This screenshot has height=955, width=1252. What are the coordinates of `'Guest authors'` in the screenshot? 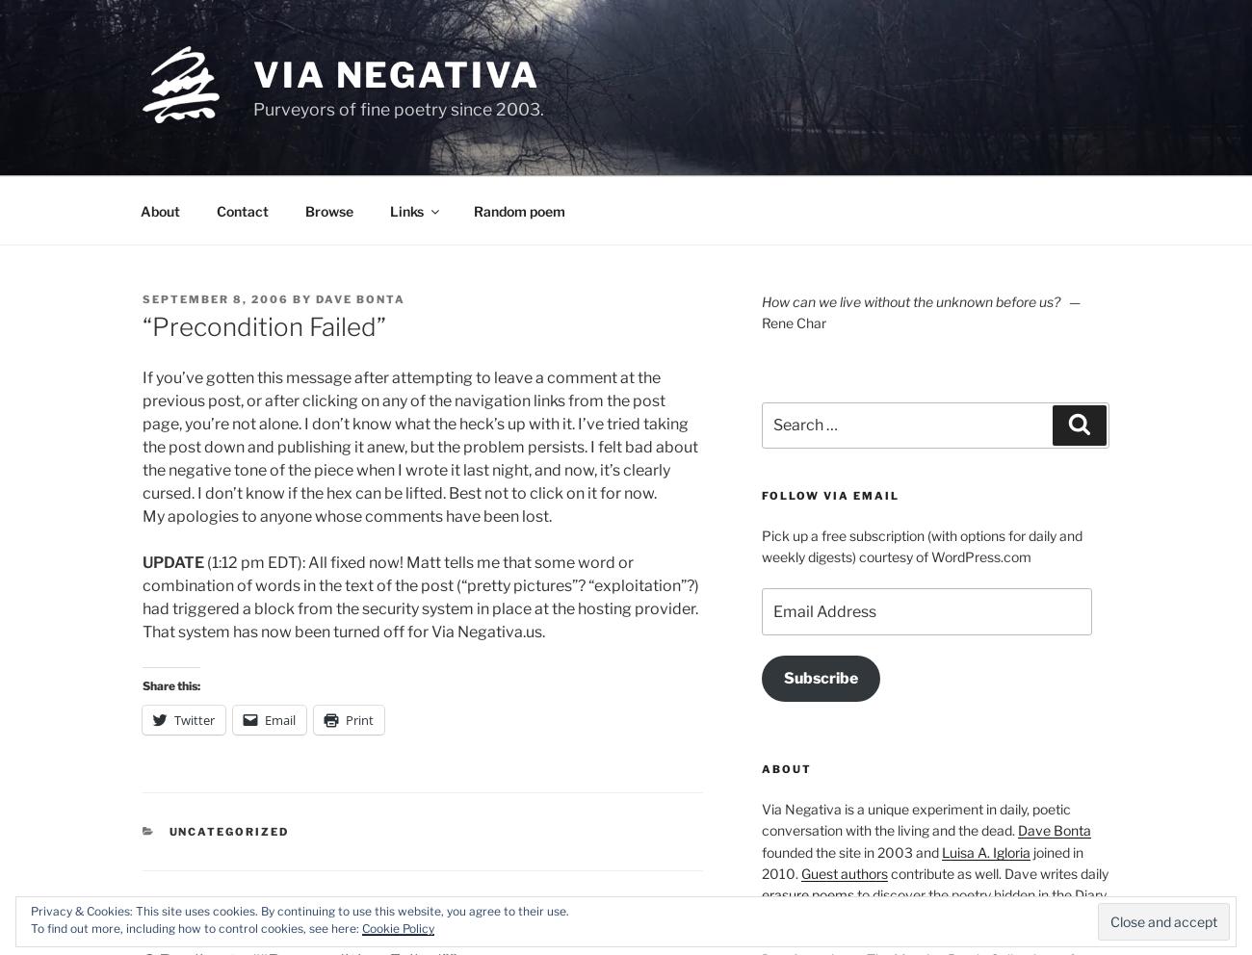 It's located at (799, 872).